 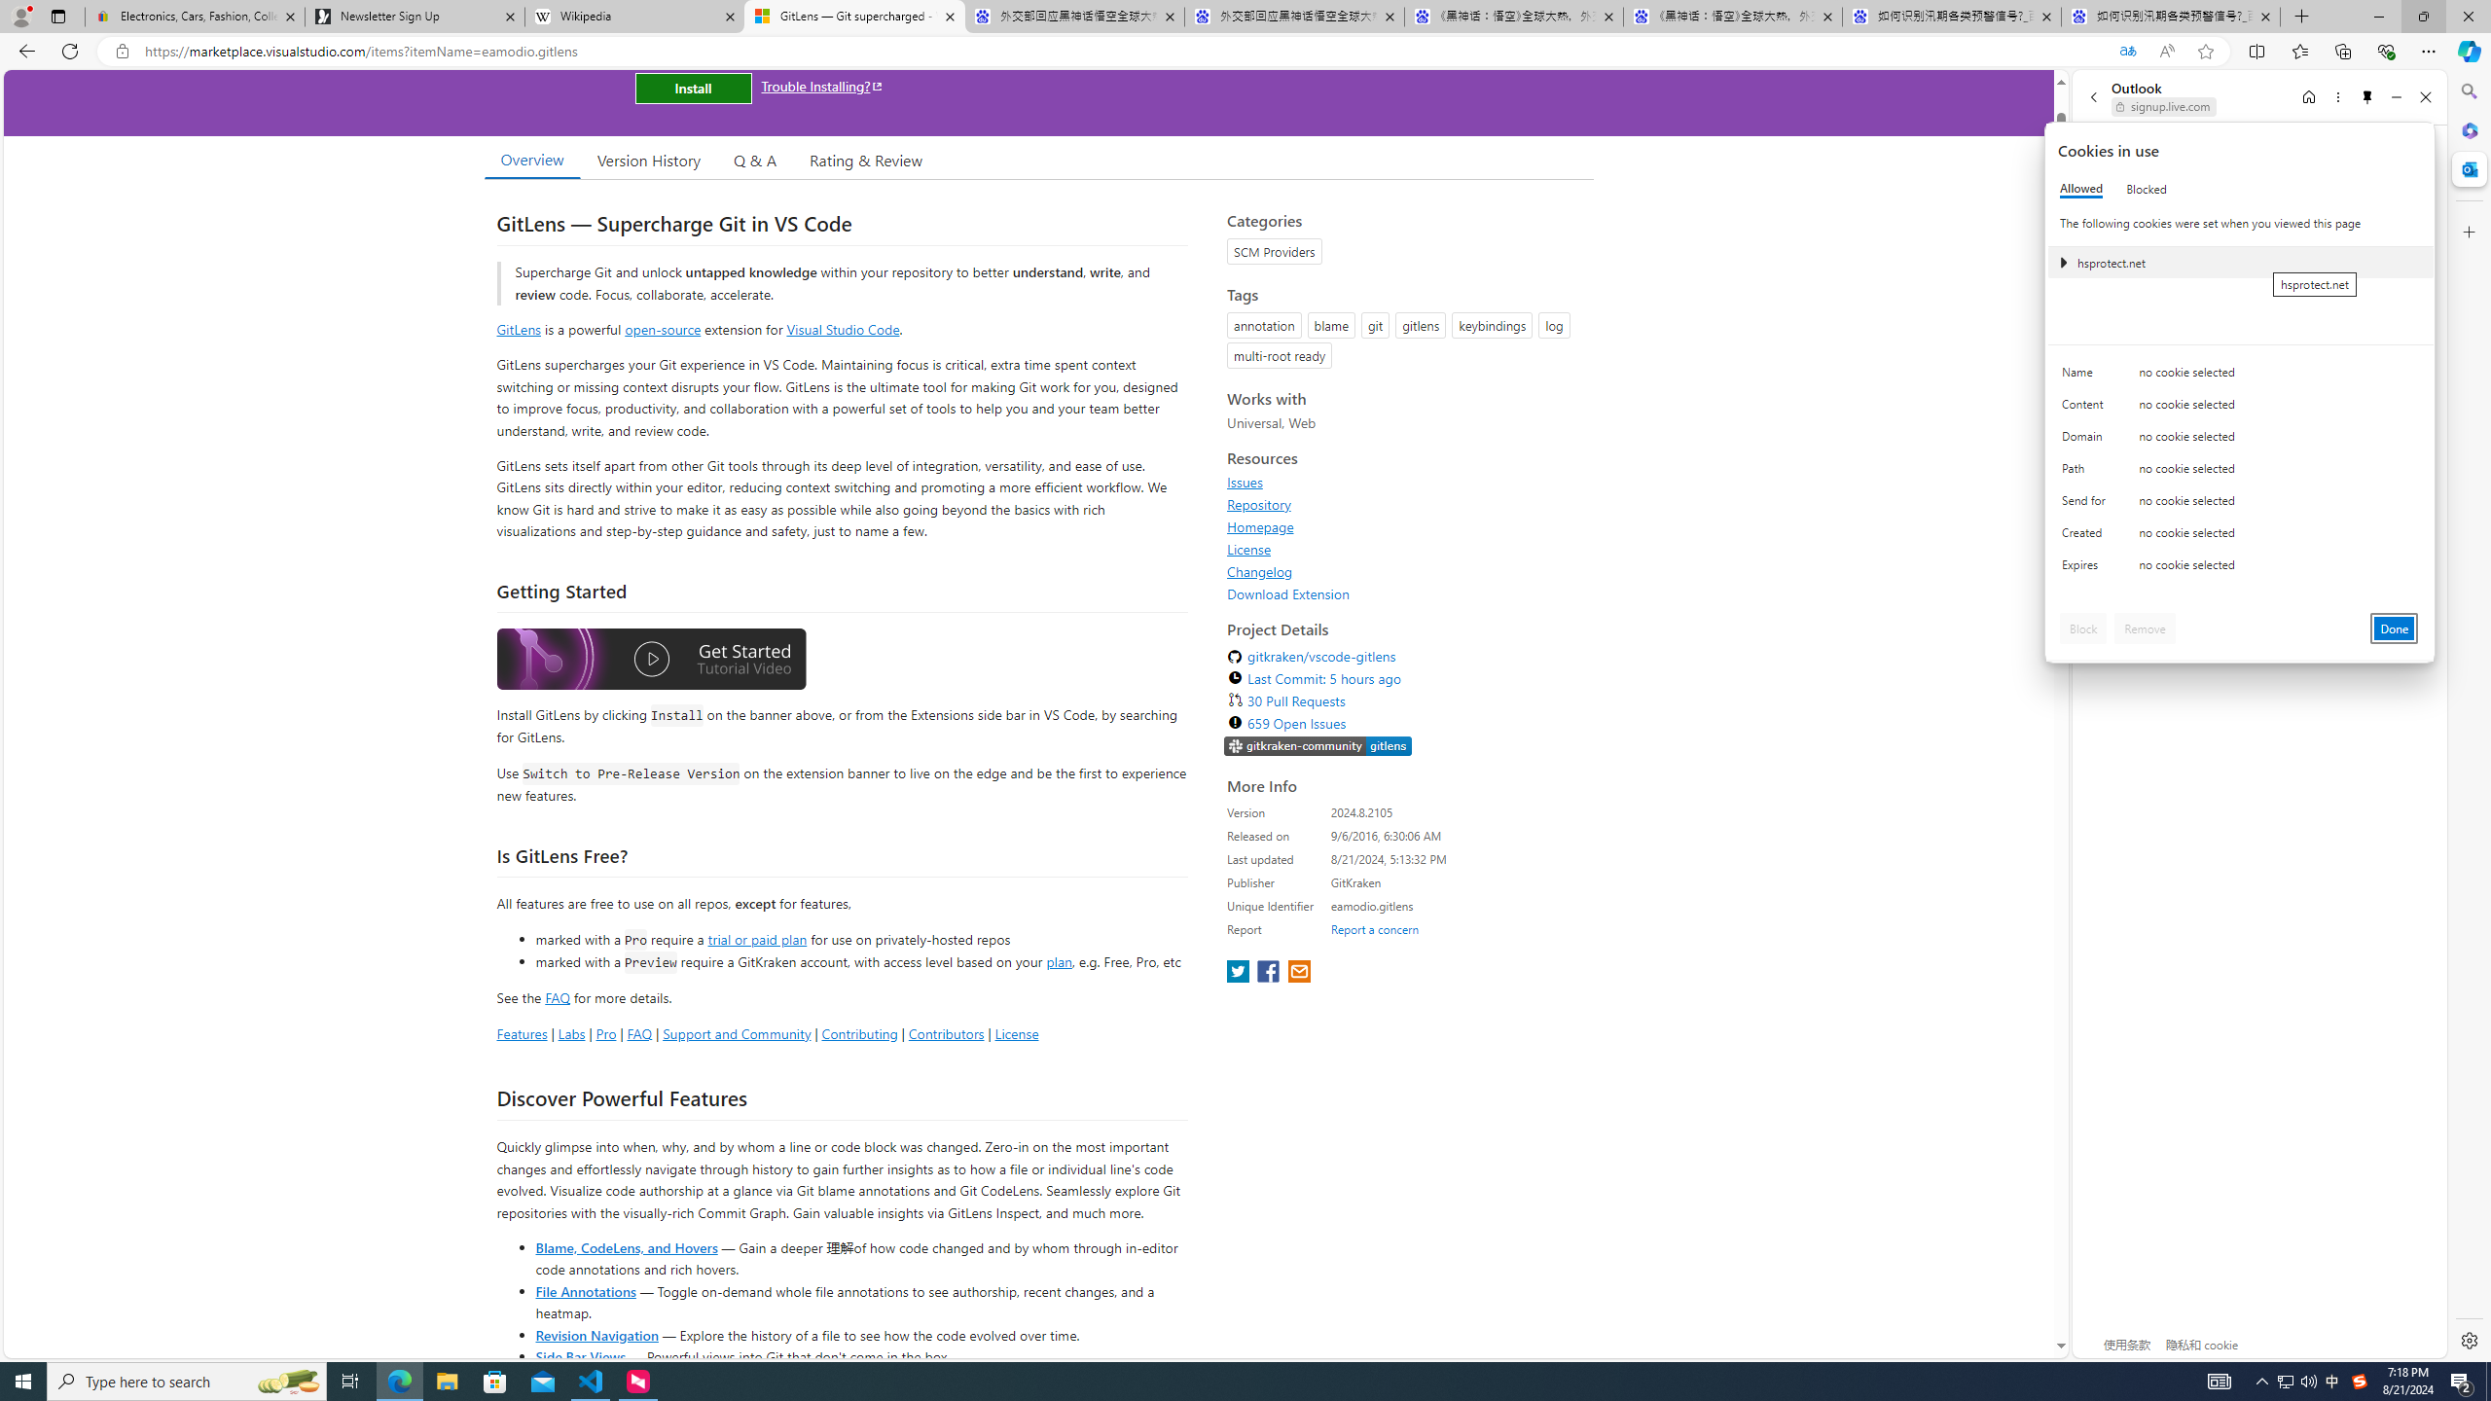 I want to click on 'Send for', so click(x=2086, y=504).